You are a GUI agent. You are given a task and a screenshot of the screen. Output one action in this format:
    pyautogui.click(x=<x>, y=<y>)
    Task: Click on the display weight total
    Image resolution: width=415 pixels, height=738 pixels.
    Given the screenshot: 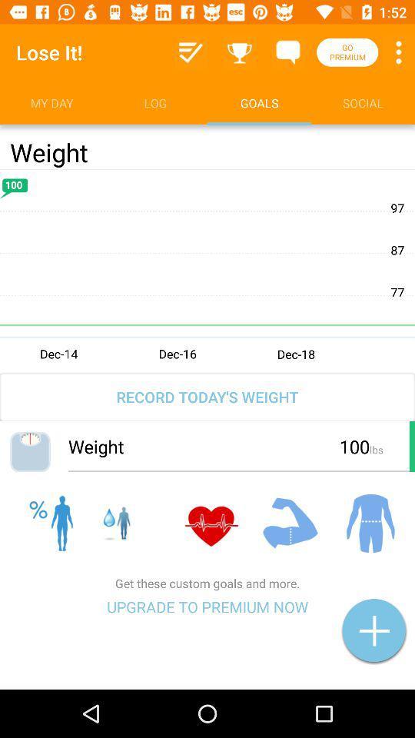 What is the action you would take?
    pyautogui.click(x=207, y=270)
    